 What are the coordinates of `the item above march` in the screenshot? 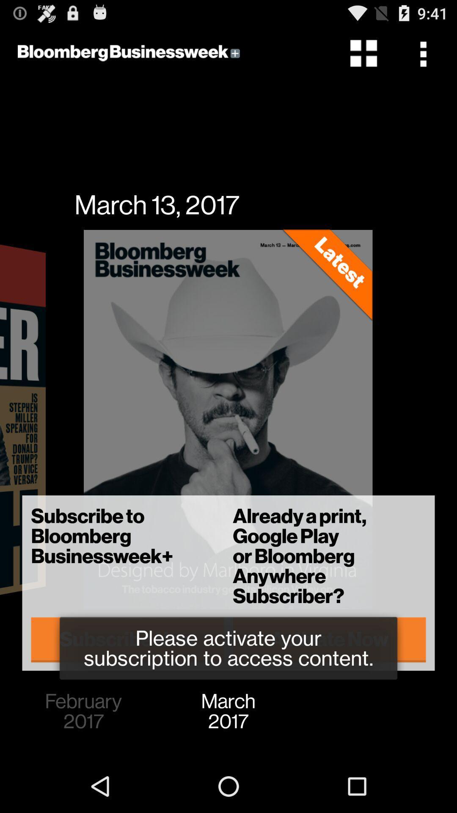 It's located at (329, 639).